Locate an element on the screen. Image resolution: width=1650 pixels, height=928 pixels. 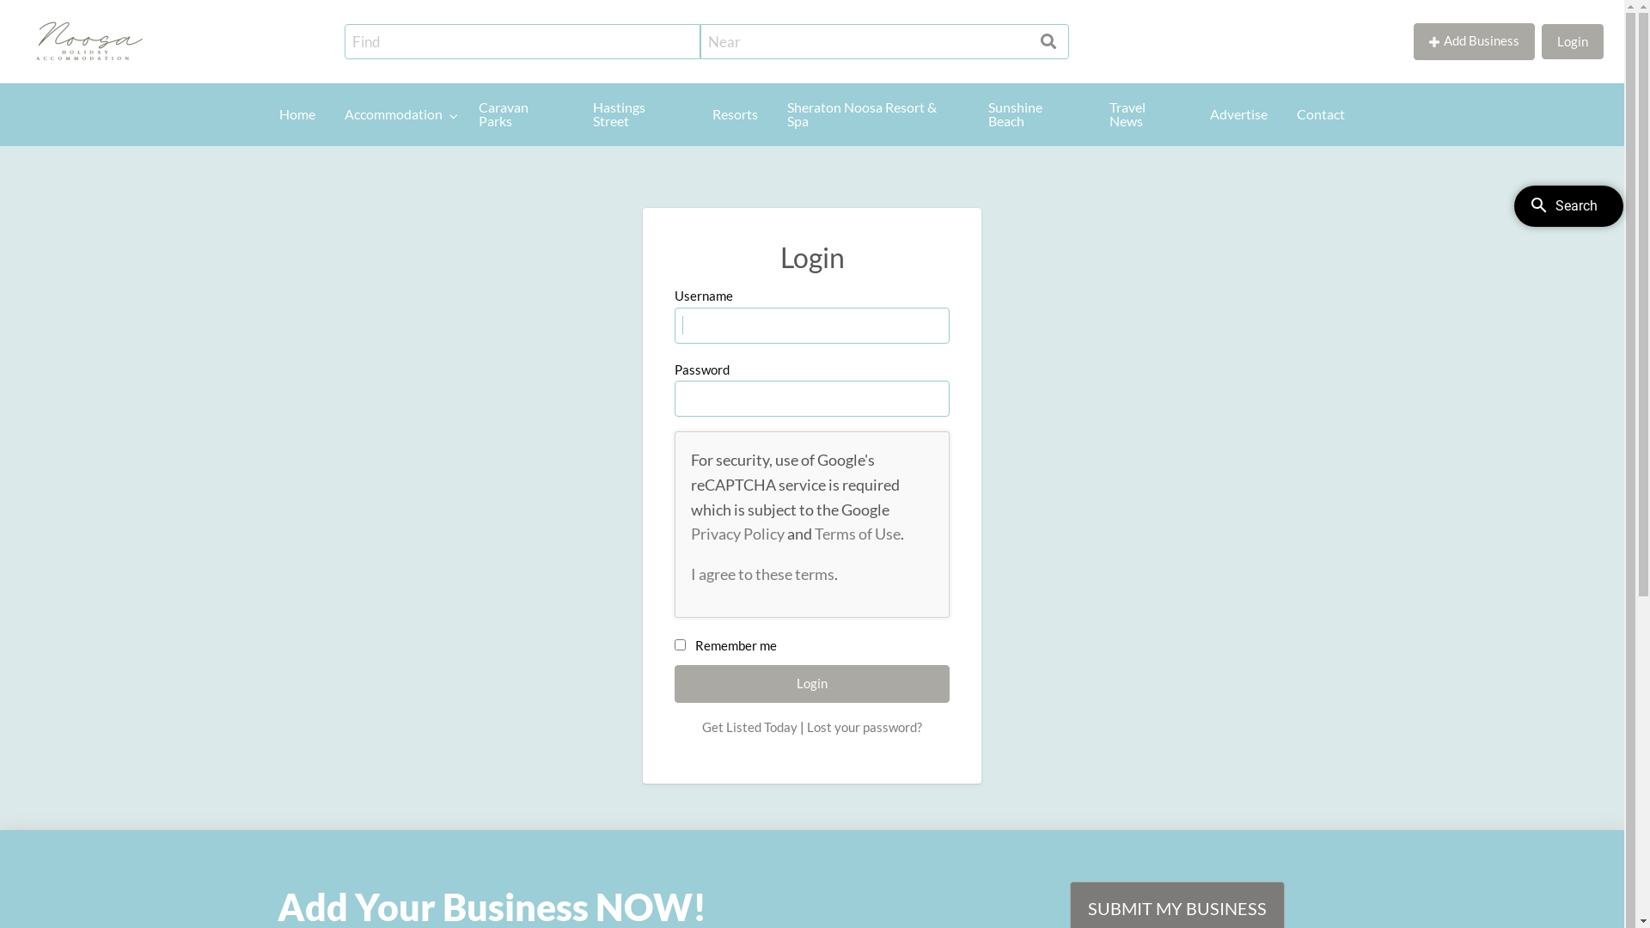
'I agree to these terms' is located at coordinates (761, 573).